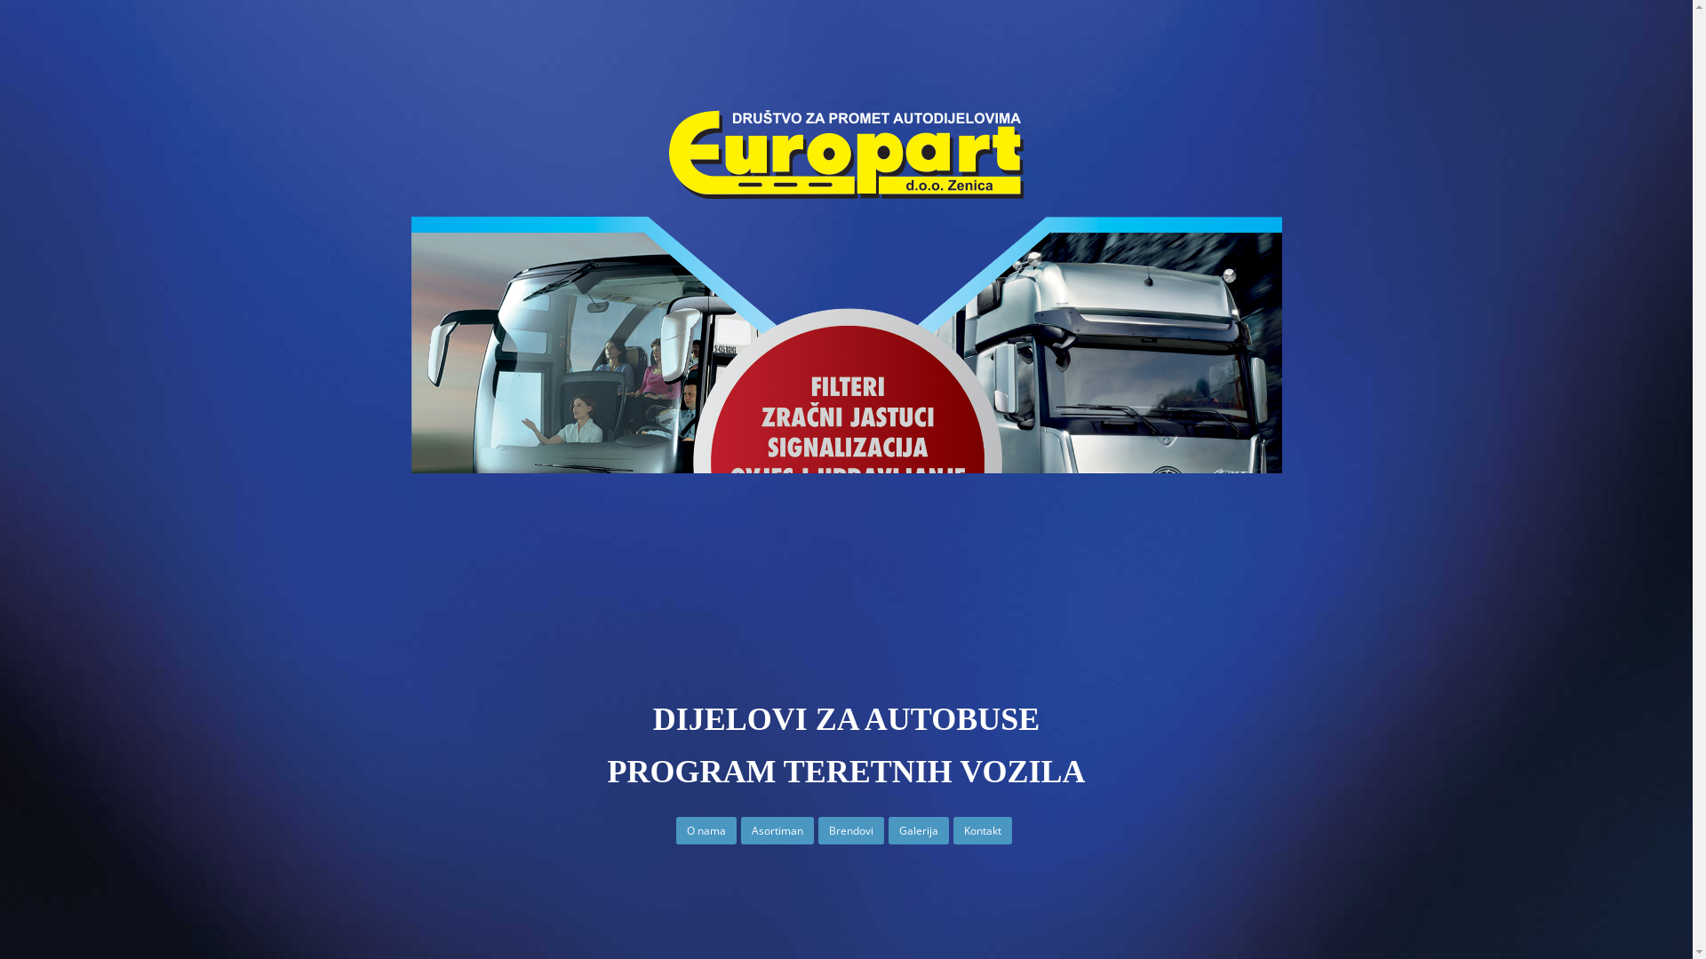 This screenshot has width=1706, height=959. What do you see at coordinates (777, 831) in the screenshot?
I see `'Asortiman'` at bounding box center [777, 831].